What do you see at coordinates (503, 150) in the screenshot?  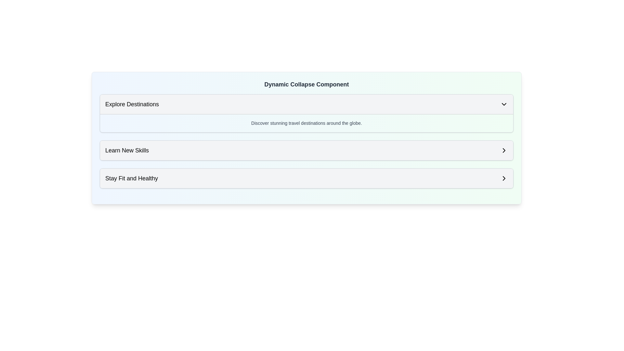 I see `the chevron icon located to the far right of the 'Learn New Skills' entry` at bounding box center [503, 150].